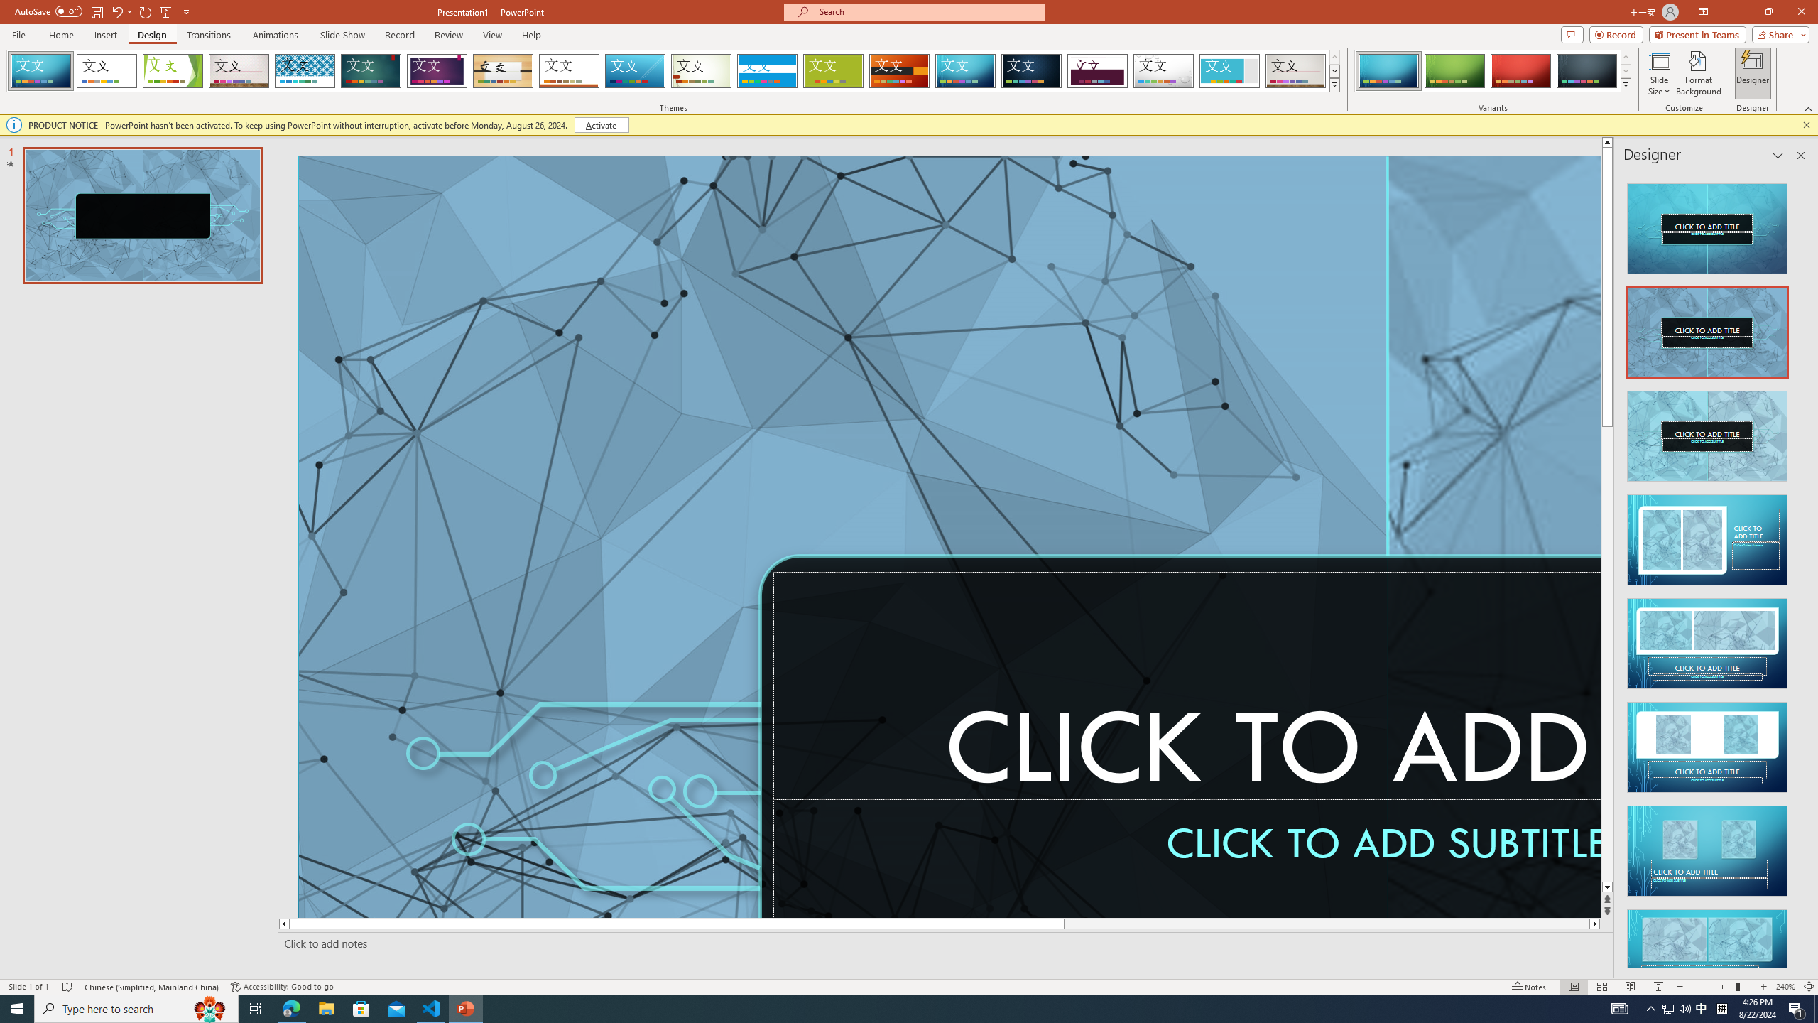  Describe the element at coordinates (602, 125) in the screenshot. I see `'Activate'` at that location.